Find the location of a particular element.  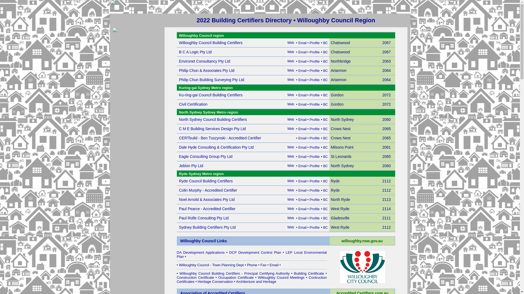

'Construction Certificate' is located at coordinates (177, 277).